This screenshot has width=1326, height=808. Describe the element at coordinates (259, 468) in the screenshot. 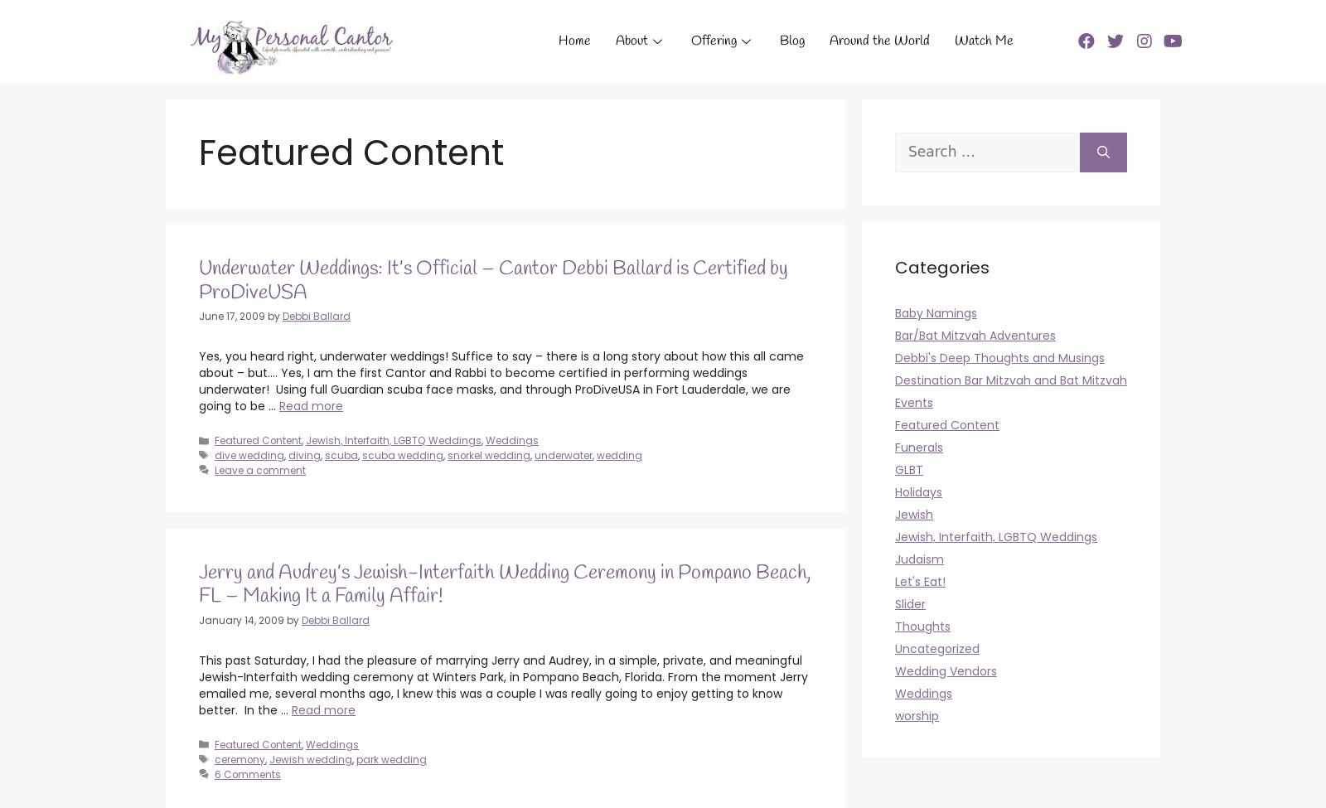

I see `'Leave a comment'` at that location.